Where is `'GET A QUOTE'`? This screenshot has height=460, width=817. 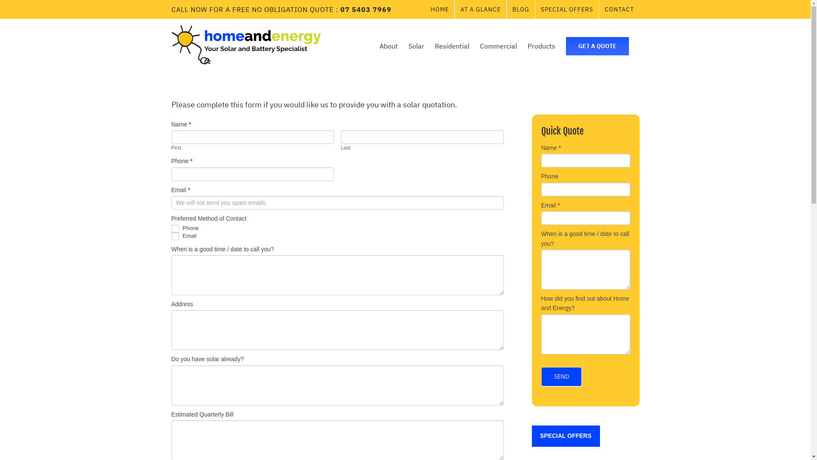
'GET A QUOTE' is located at coordinates (597, 46).